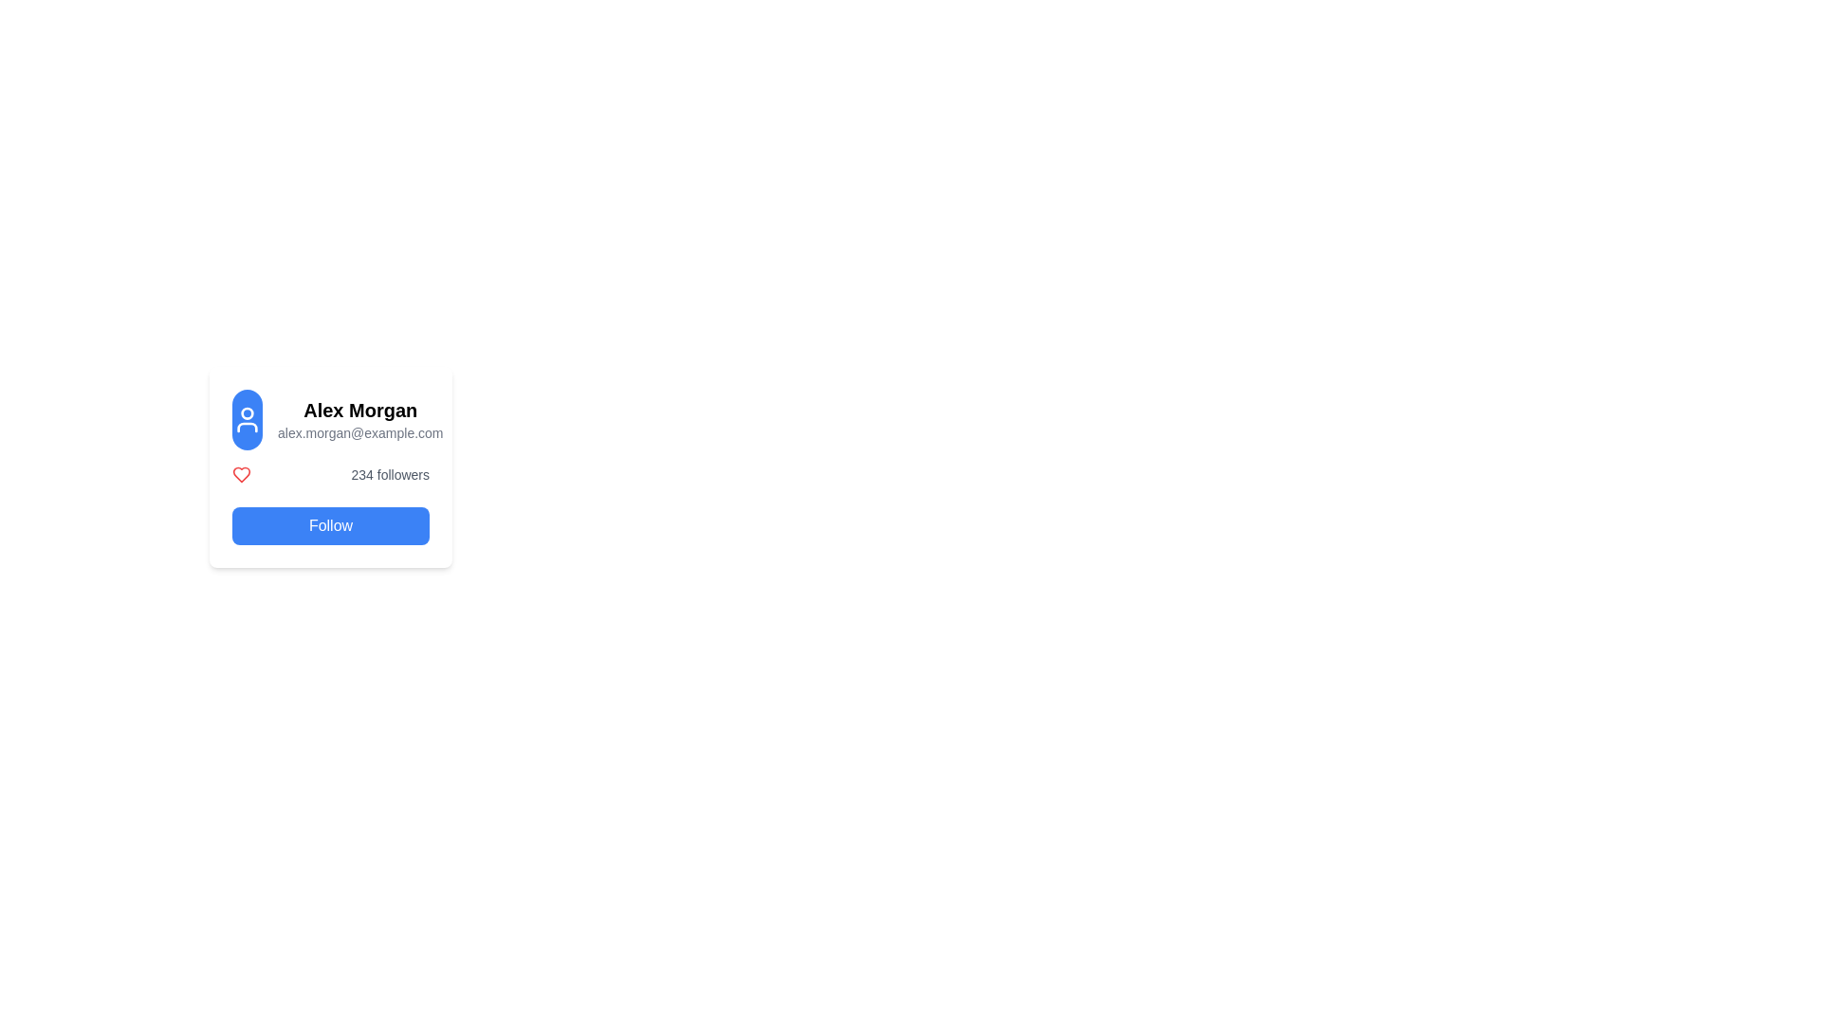 This screenshot has width=1821, height=1024. I want to click on the text label displaying 'Alex Morgan' in bold, large font within the profile card on the left side of the interface, so click(360, 409).